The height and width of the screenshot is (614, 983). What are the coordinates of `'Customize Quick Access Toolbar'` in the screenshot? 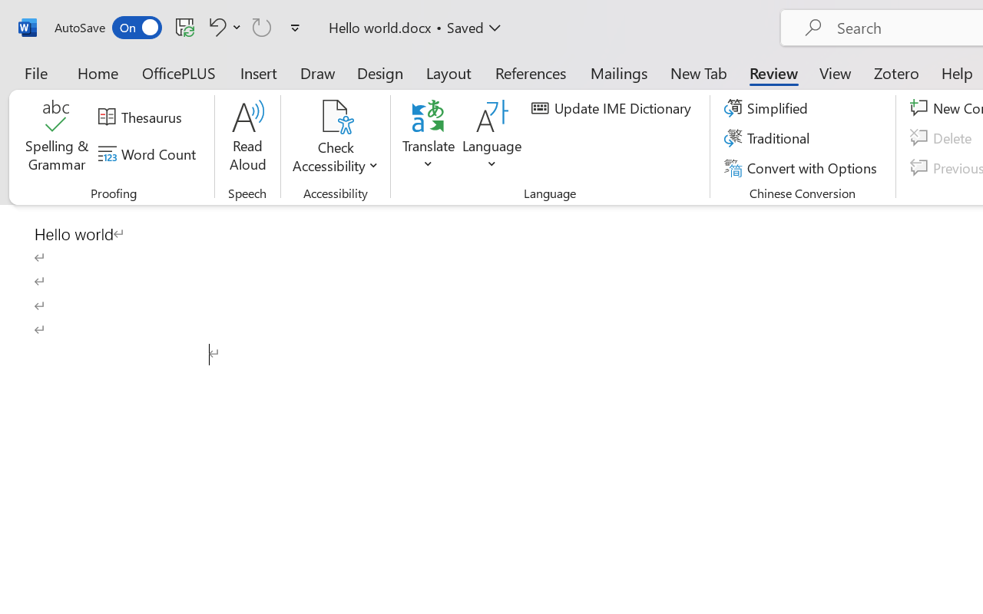 It's located at (295, 27).